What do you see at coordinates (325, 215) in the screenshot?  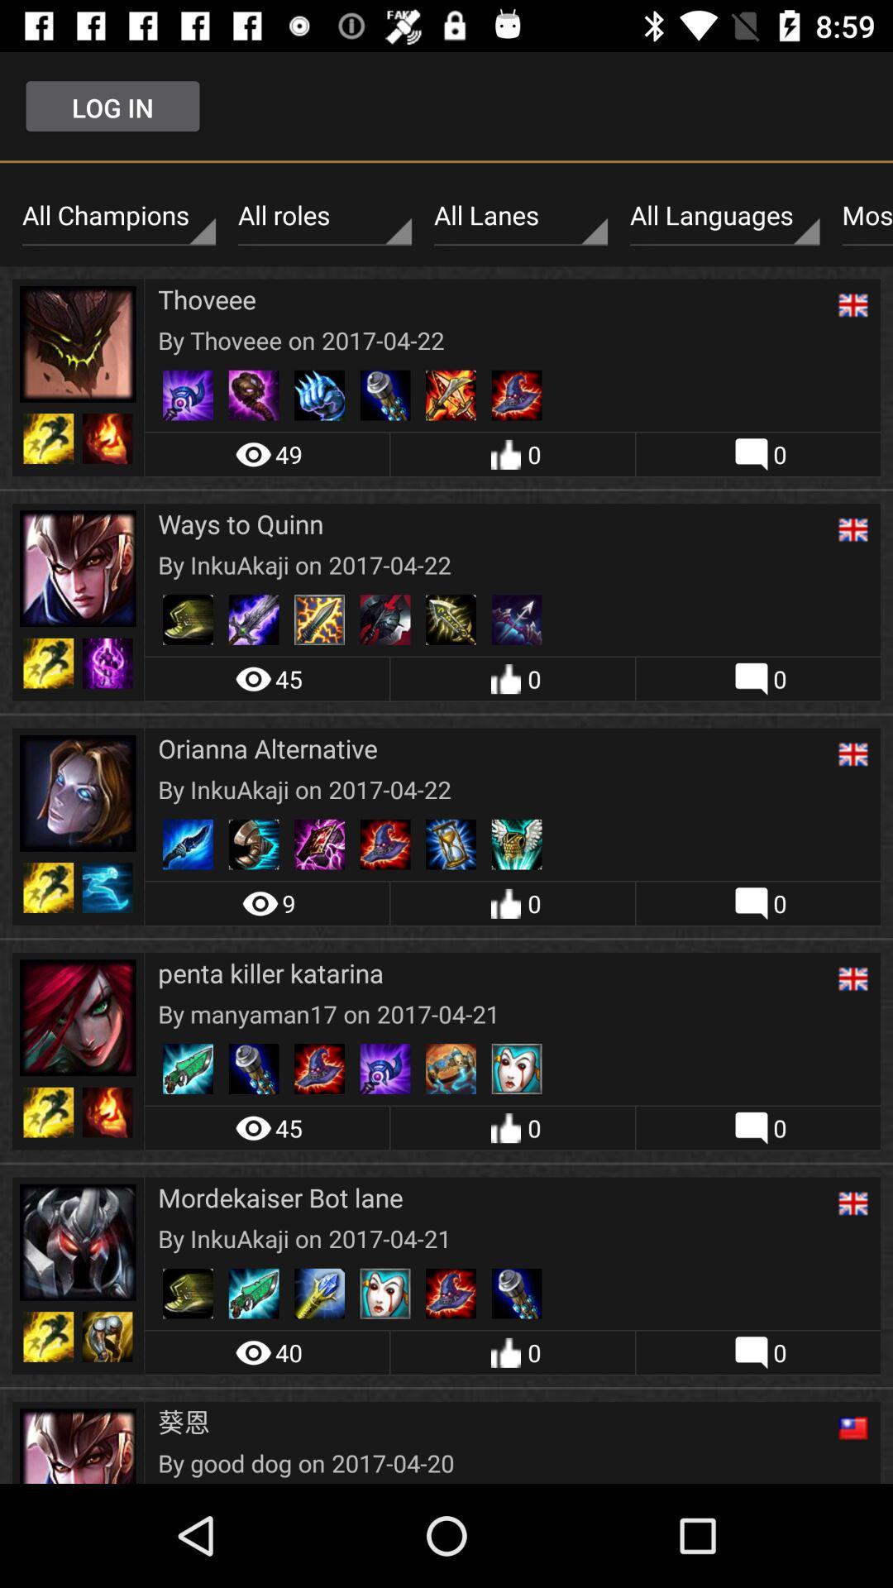 I see `item to the right of all champions icon` at bounding box center [325, 215].